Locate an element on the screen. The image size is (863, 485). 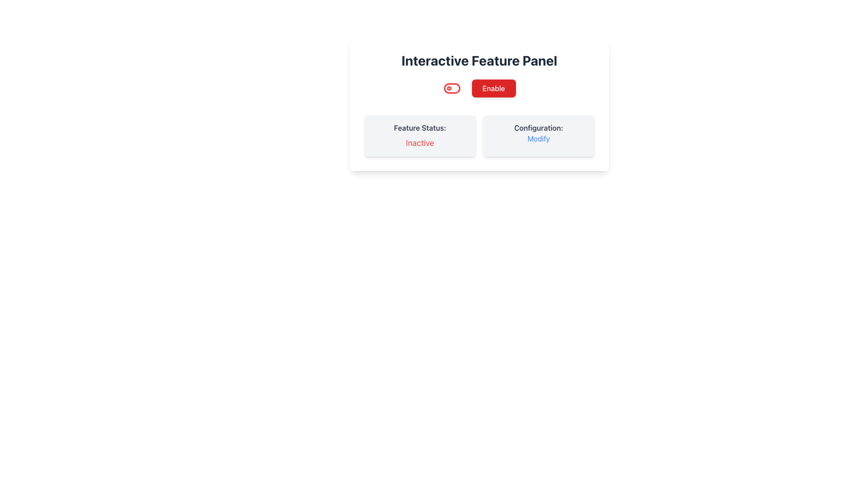
the Display component that shows the current status marked as 'Inactive', located in the left cell of a two-column grid layout within the 'Interactive Feature Panel' is located at coordinates (419, 136).